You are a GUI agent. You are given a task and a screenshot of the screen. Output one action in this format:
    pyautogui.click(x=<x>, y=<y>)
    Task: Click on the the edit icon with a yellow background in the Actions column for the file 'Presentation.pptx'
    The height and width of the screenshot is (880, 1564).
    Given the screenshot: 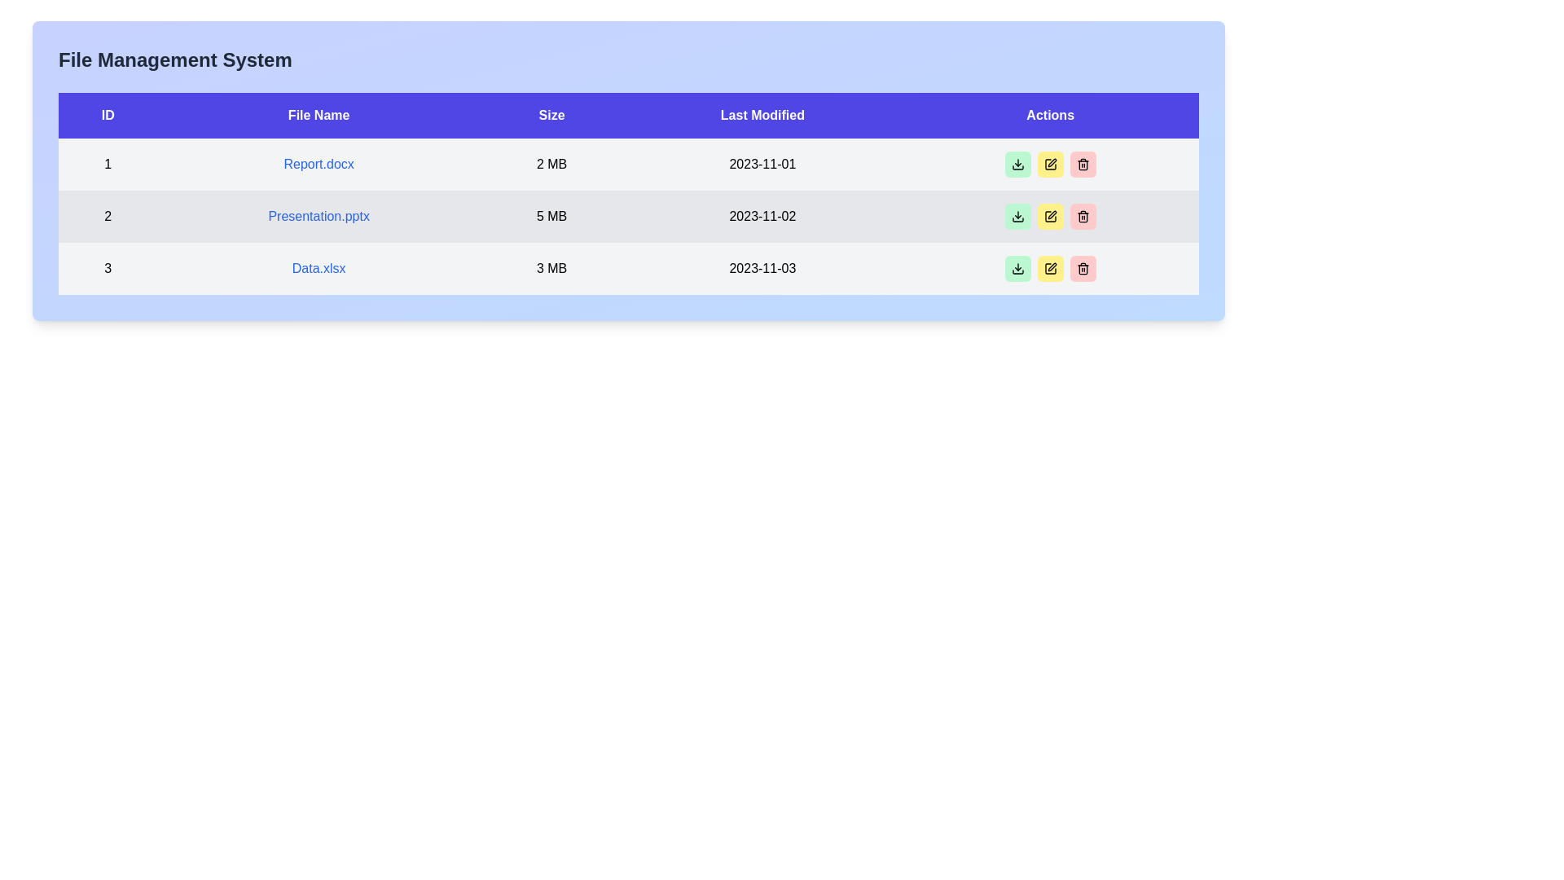 What is the action you would take?
    pyautogui.click(x=1050, y=164)
    